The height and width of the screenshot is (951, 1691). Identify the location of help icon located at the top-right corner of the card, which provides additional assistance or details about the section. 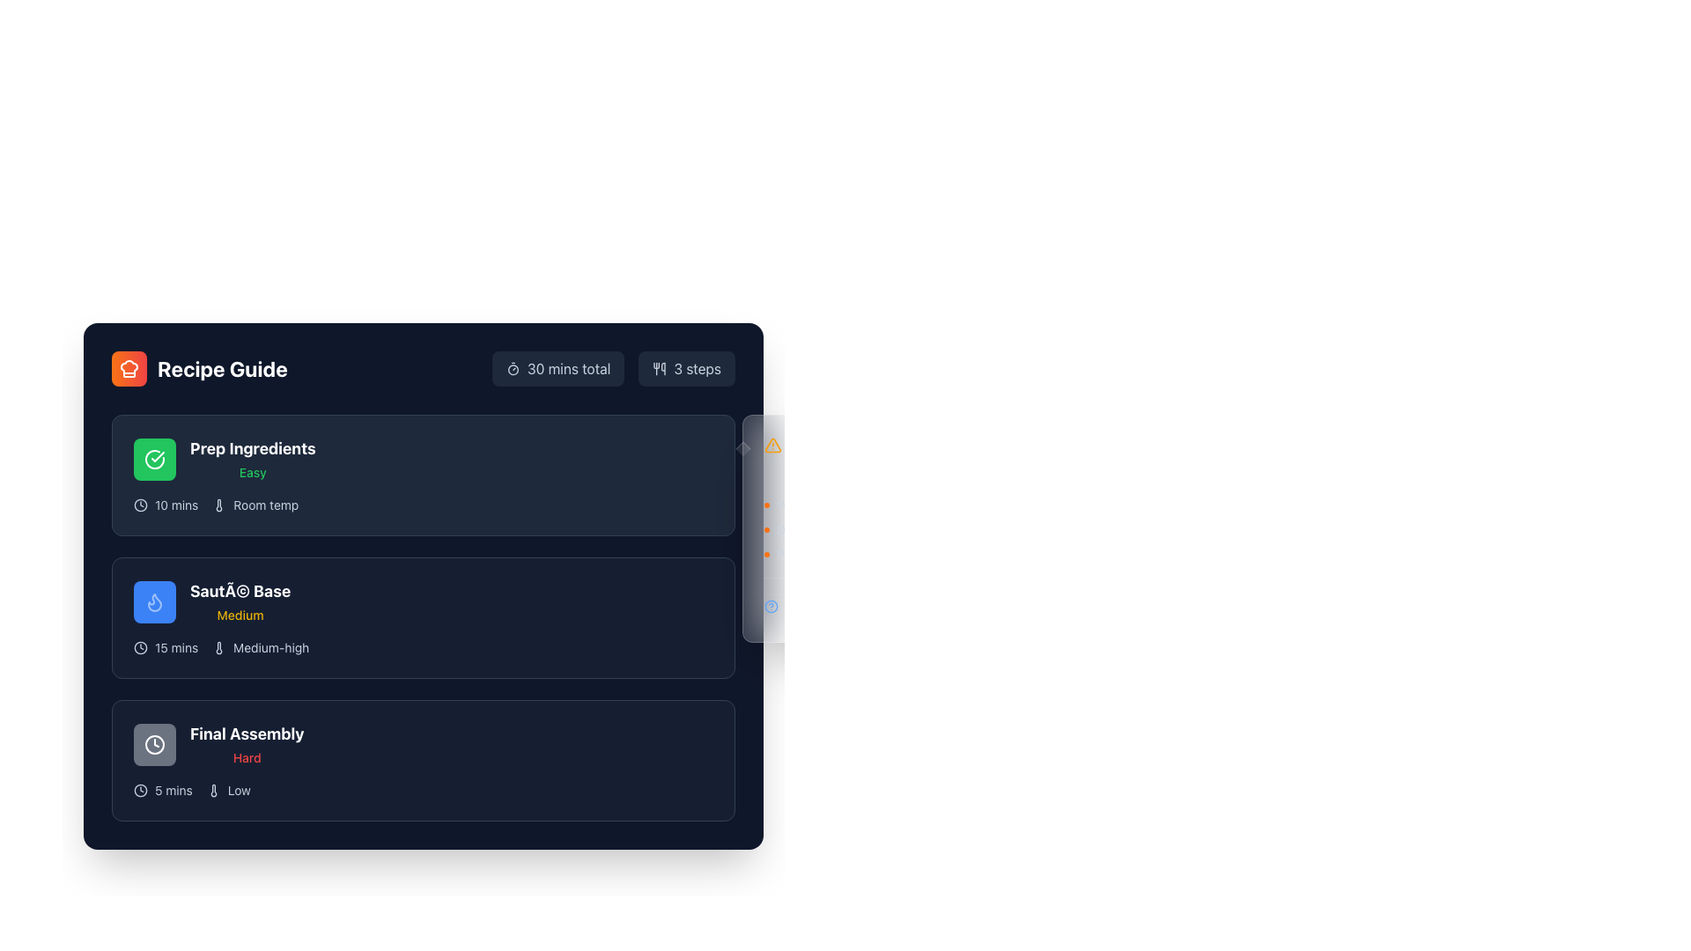
(771, 606).